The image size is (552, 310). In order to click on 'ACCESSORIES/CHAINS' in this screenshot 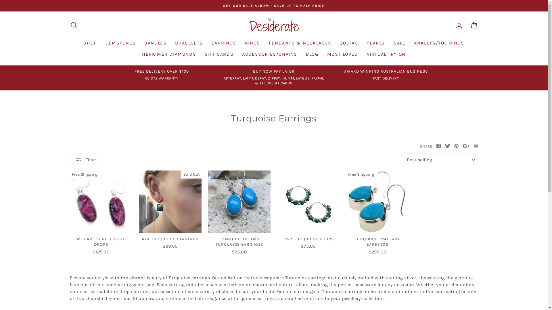, I will do `click(237, 54)`.